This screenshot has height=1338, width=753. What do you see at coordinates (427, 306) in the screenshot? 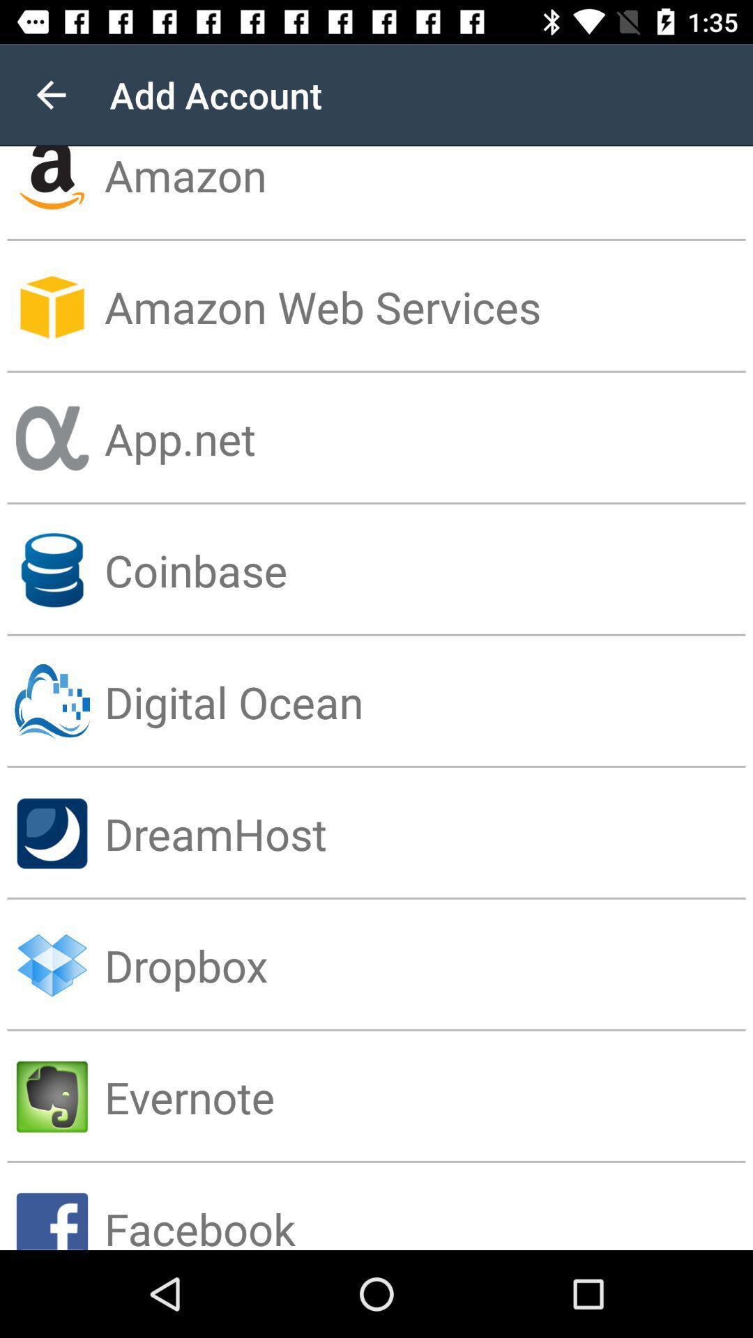
I see `the app below amazon item` at bounding box center [427, 306].